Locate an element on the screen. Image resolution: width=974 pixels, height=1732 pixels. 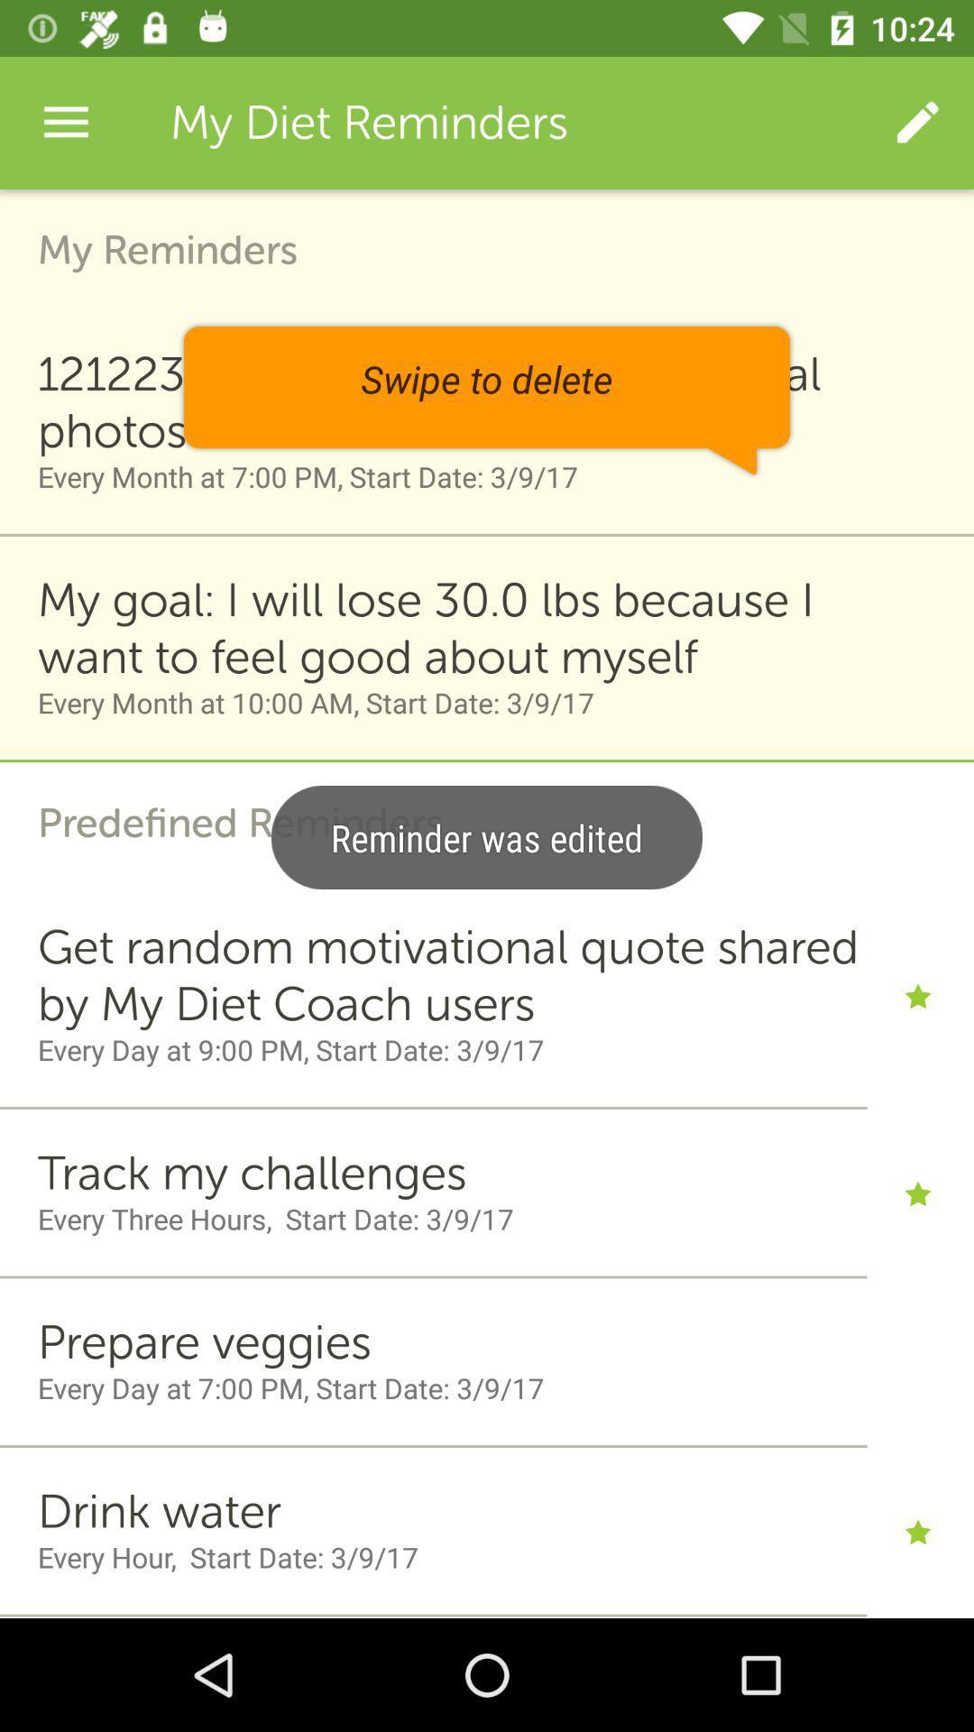
swipe to delete is located at coordinates (487, 399).